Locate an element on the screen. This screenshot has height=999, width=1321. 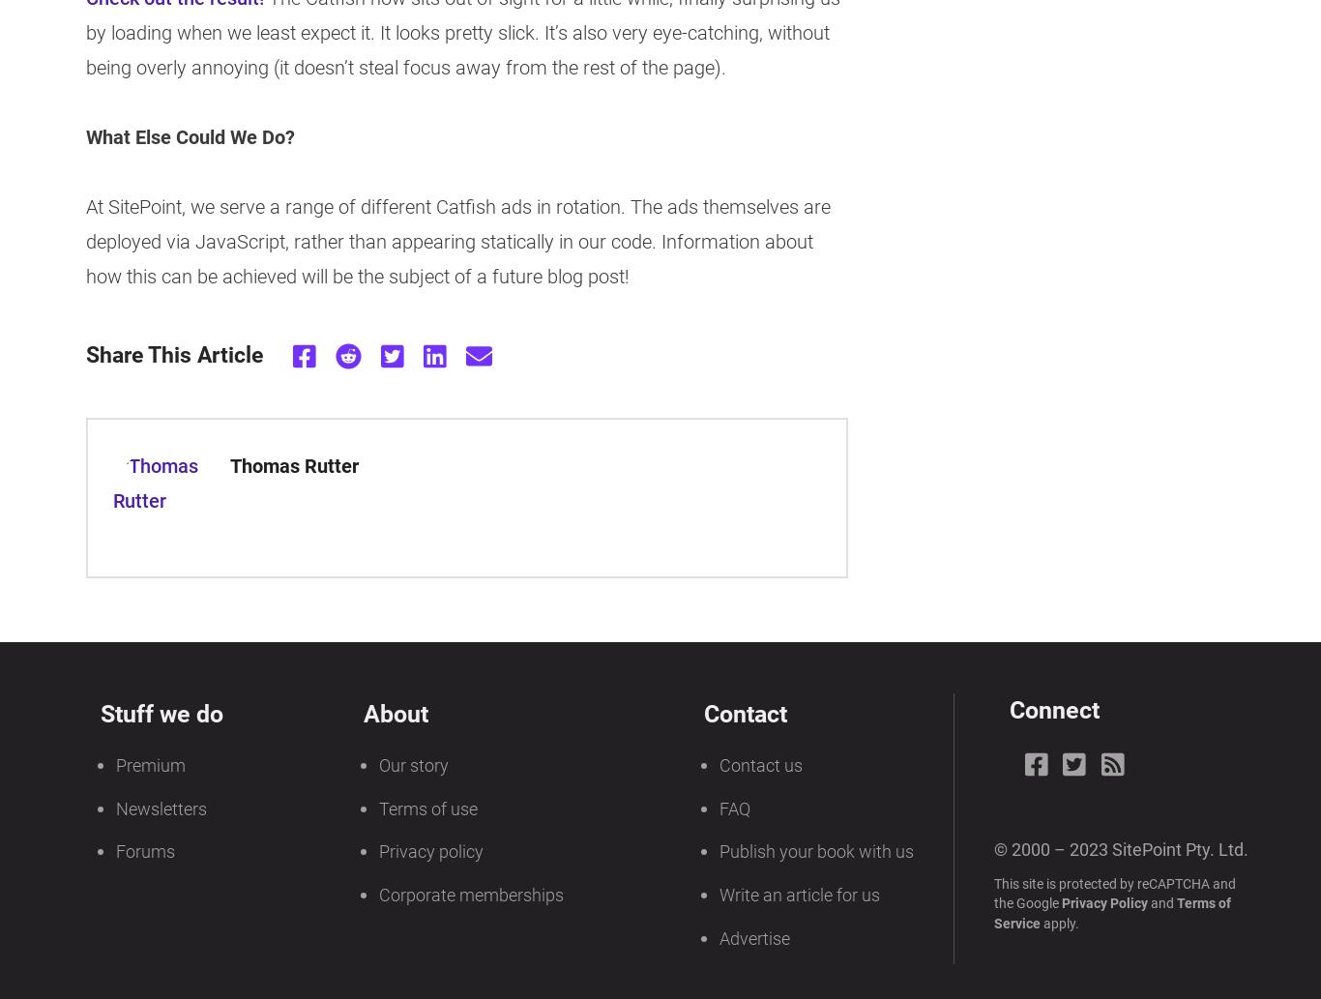
'Terms of use' is located at coordinates (426, 808).